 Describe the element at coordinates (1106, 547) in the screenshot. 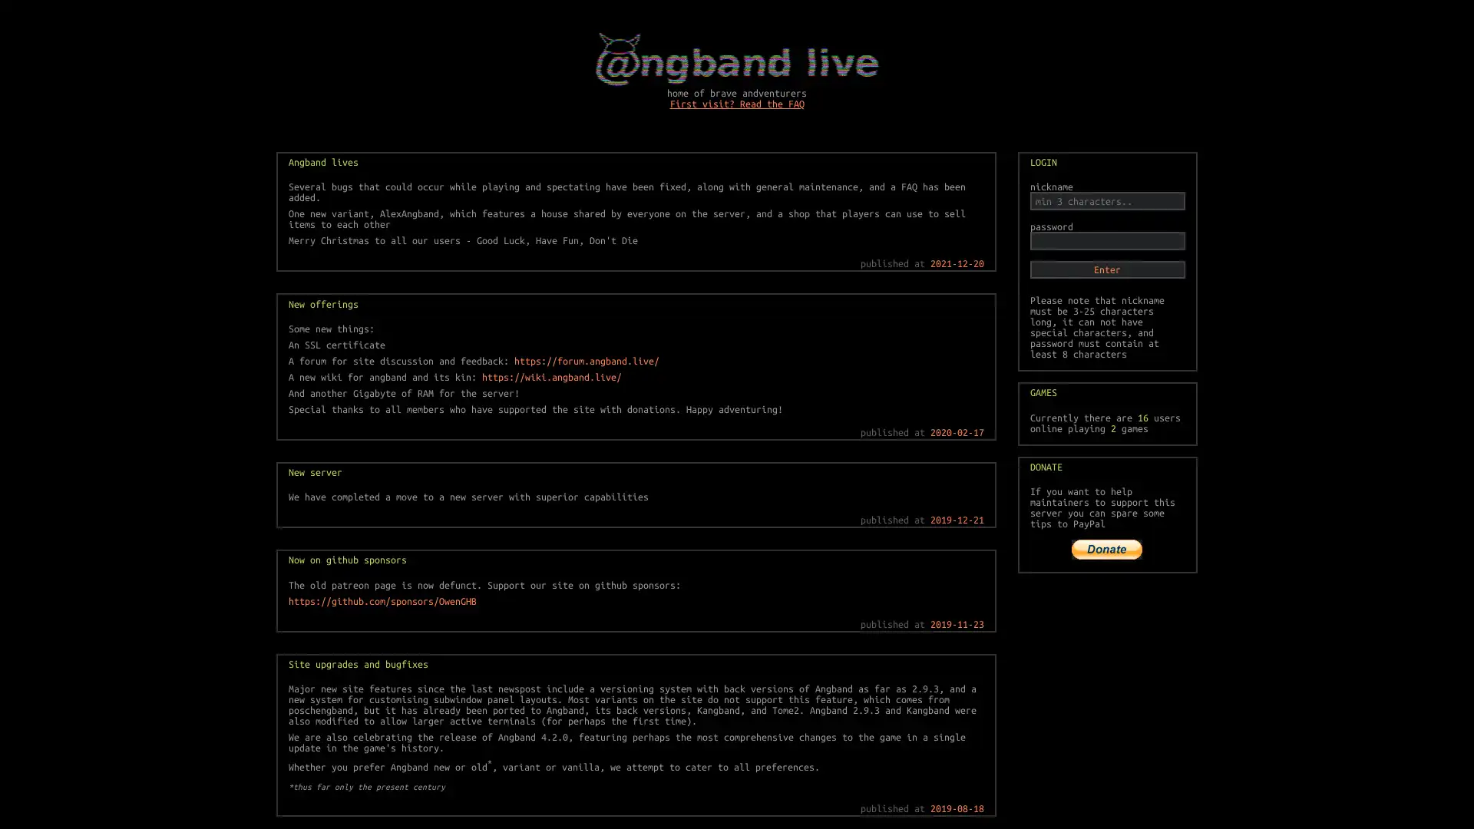

I see `PayPal  The safer, easier way to pay online!` at that location.